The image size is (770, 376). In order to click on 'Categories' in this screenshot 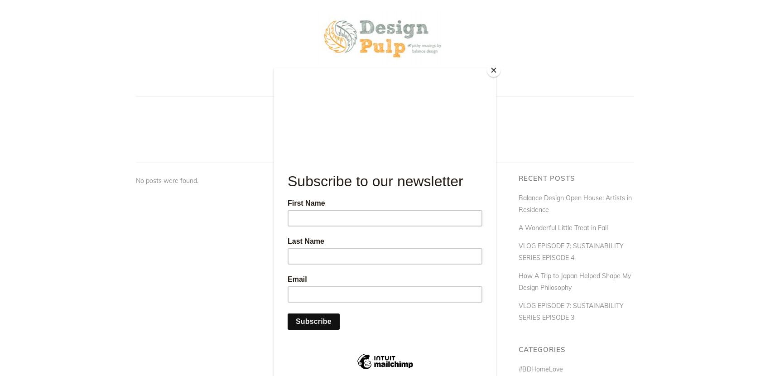, I will do `click(541, 349)`.